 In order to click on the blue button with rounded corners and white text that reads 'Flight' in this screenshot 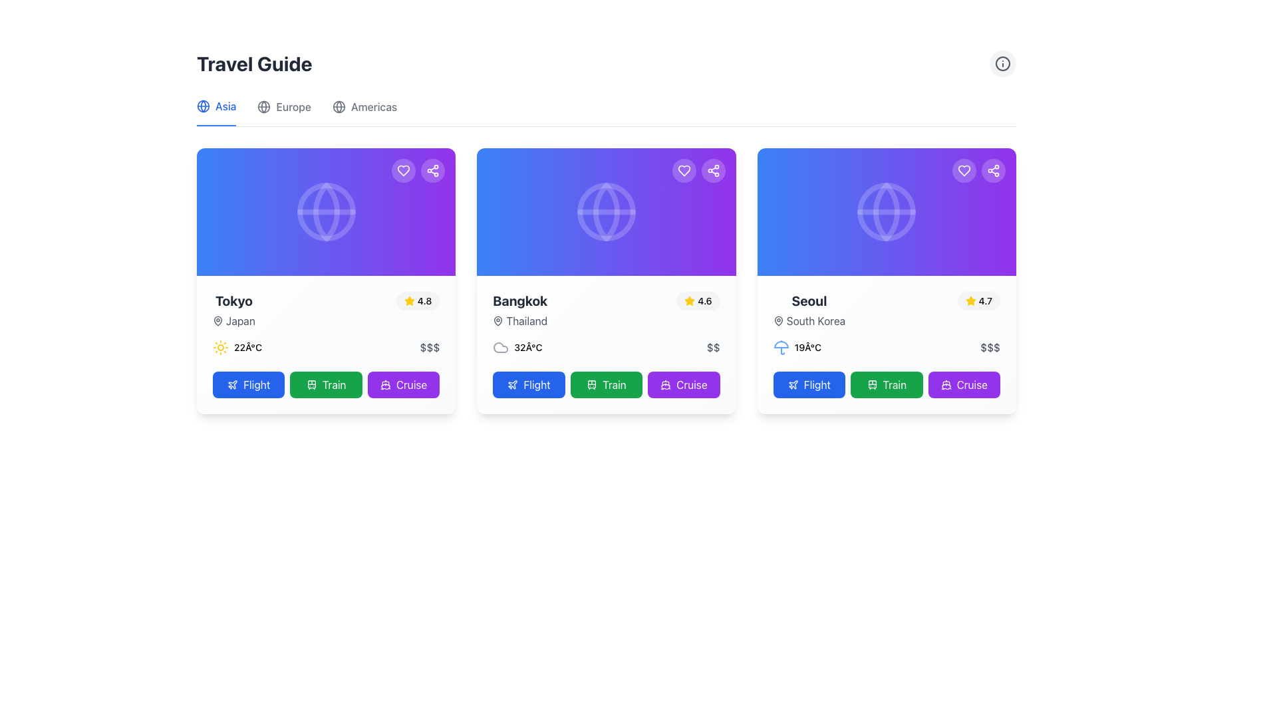, I will do `click(528, 384)`.